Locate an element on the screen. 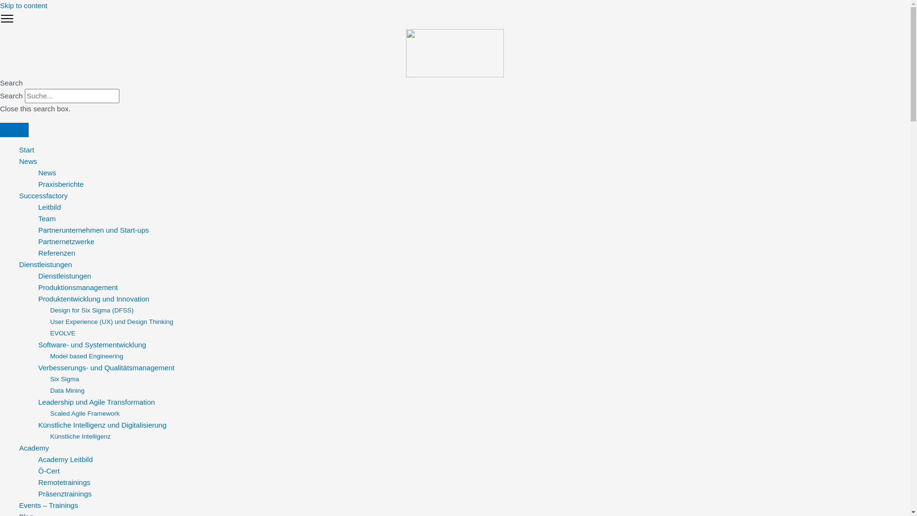 Image resolution: width=917 pixels, height=516 pixels. 'EVOLVE' is located at coordinates (62, 333).